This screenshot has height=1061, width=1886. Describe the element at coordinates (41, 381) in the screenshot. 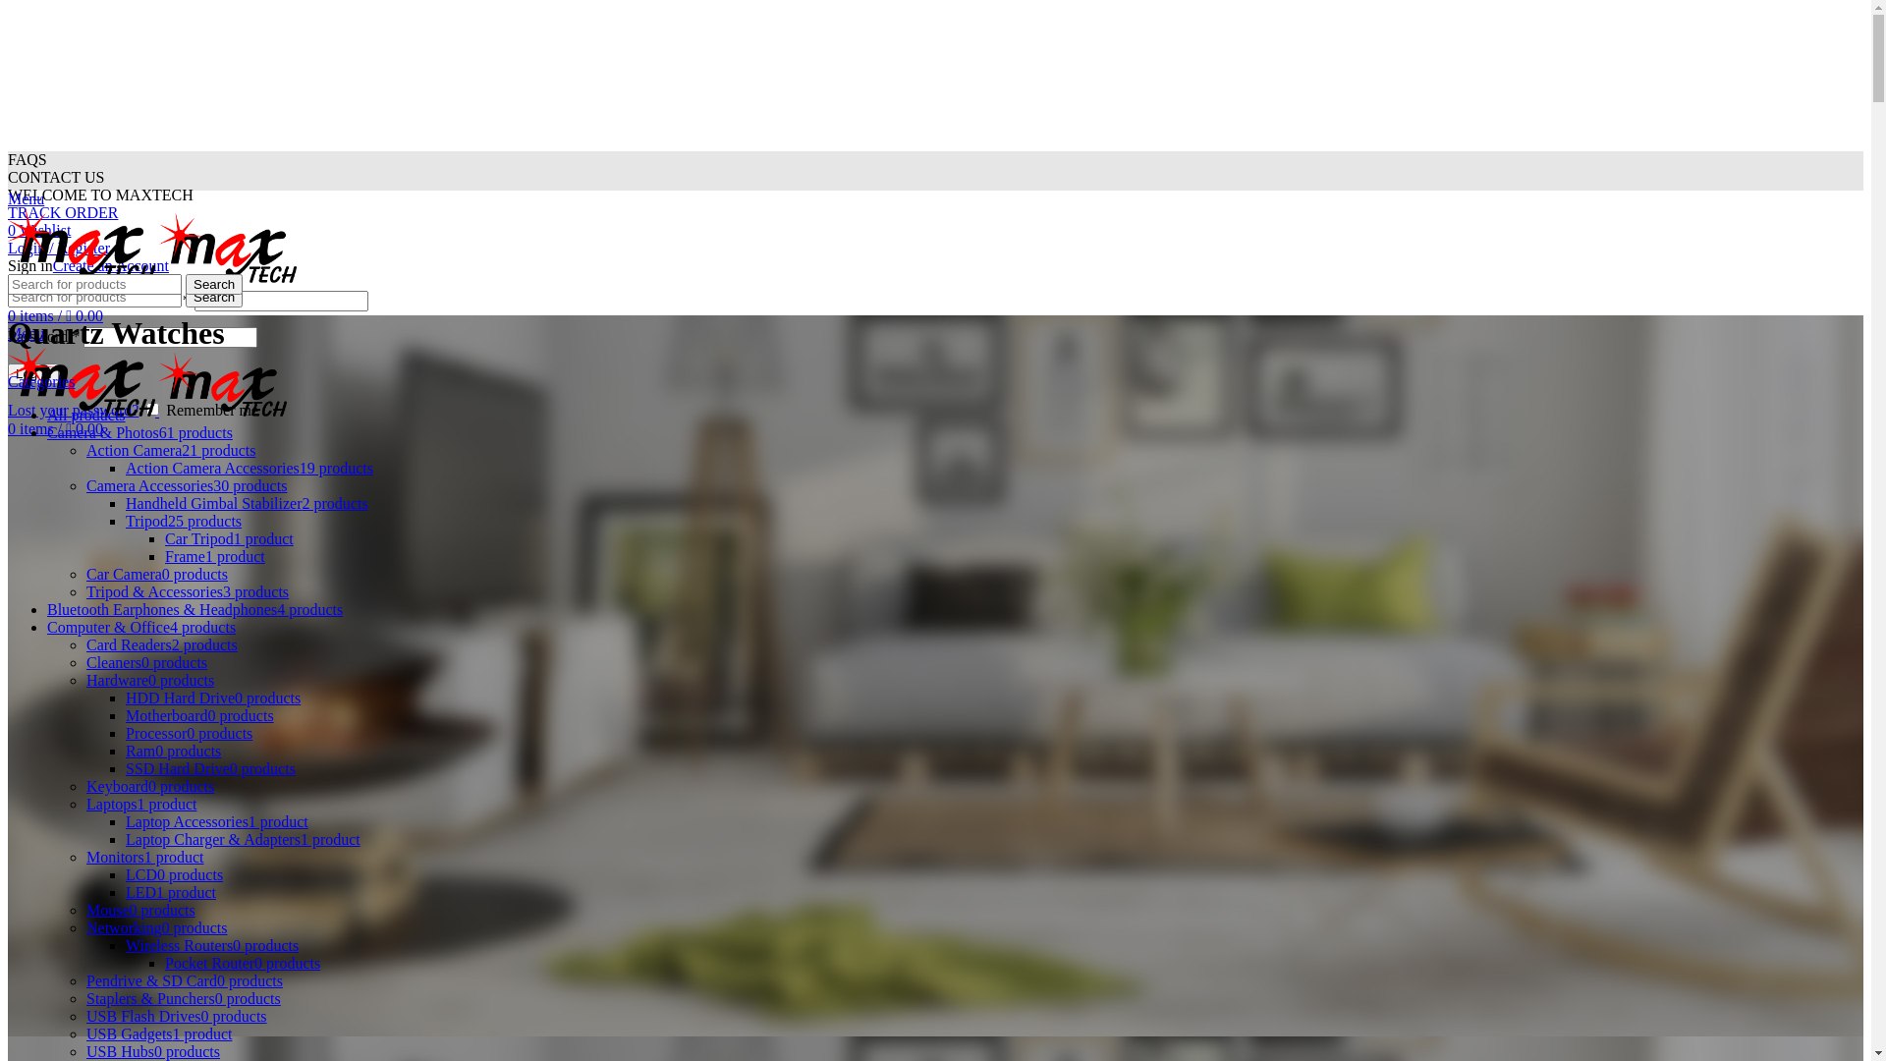

I see `'Categories'` at that location.